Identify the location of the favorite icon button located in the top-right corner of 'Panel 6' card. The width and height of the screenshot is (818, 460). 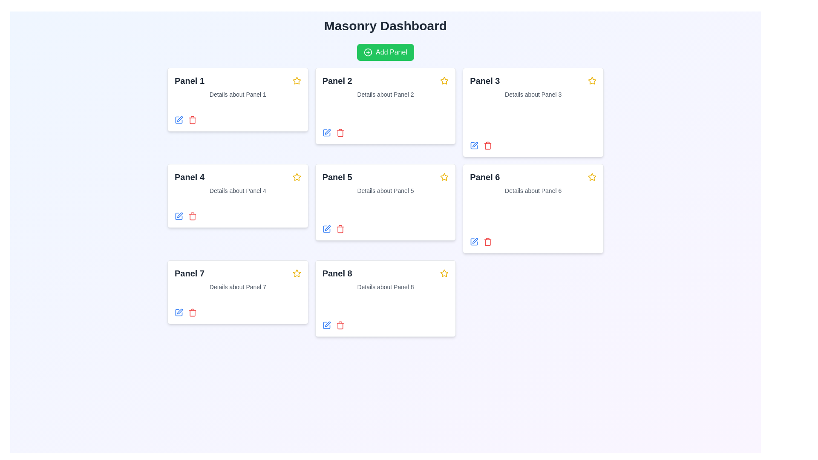
(591, 177).